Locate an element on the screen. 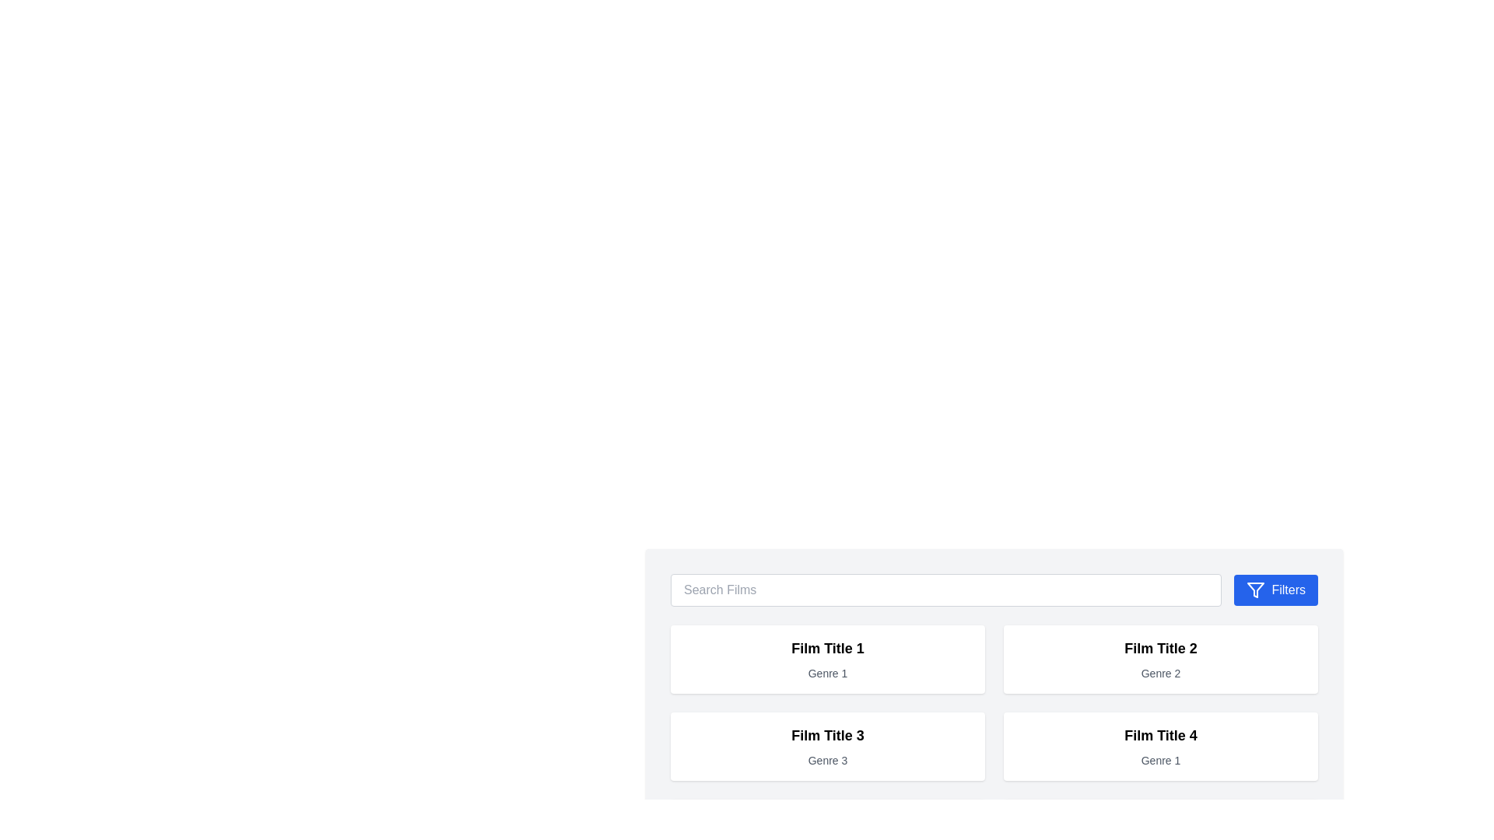 This screenshot has height=840, width=1494. the film entry card located in the second row, second column of the grid view is located at coordinates (1161, 746).